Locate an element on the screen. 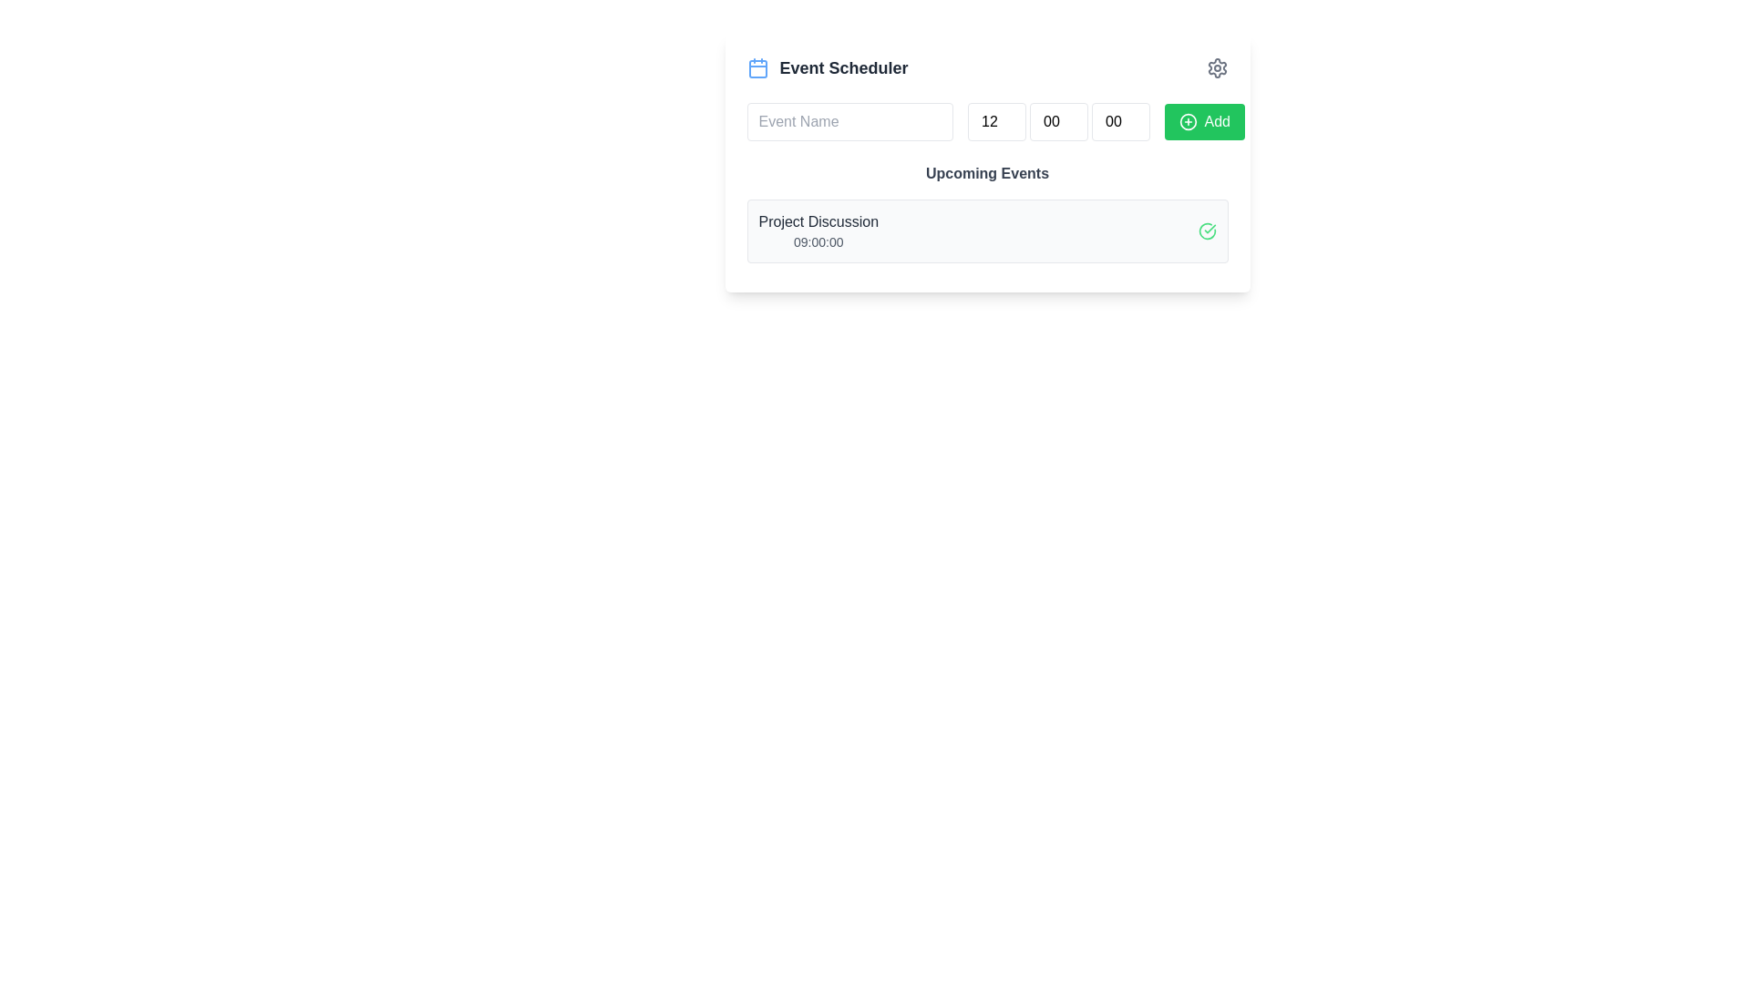 The image size is (1750, 984). the gear icon located in the top-right corner of the white panel, near the 'Event Scheduler' header and the green 'Add' button is located at coordinates (1217, 67).